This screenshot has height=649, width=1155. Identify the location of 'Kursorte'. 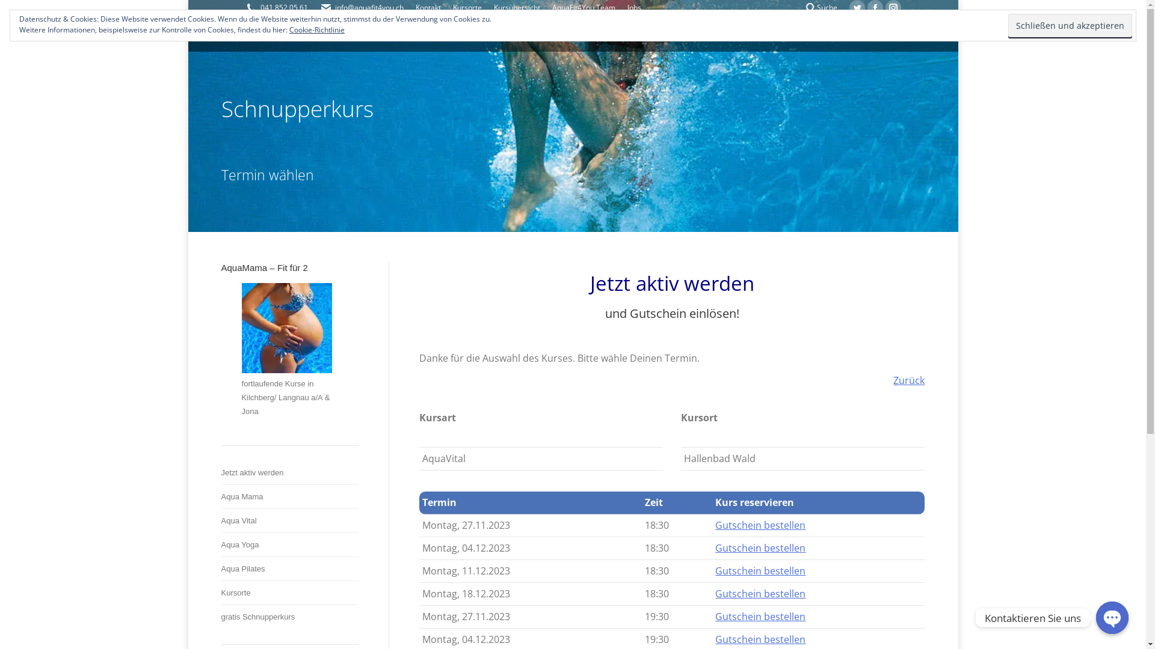
(466, 7).